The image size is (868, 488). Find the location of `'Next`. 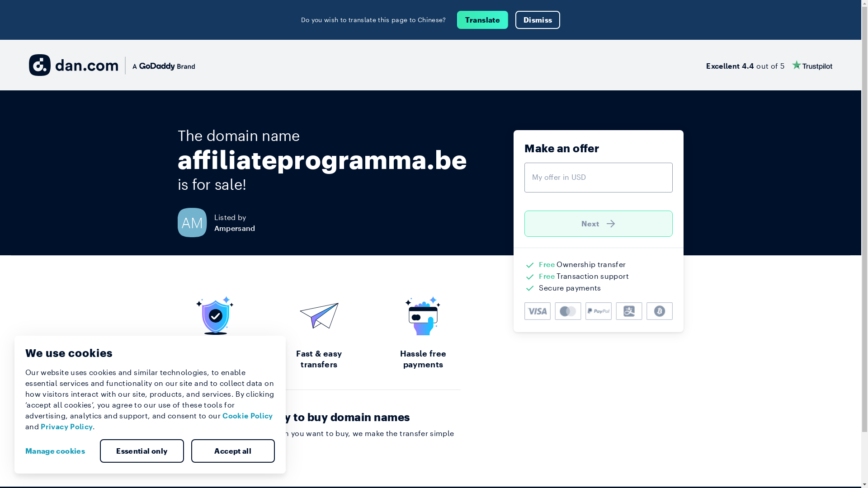

'Next is located at coordinates (599, 223).